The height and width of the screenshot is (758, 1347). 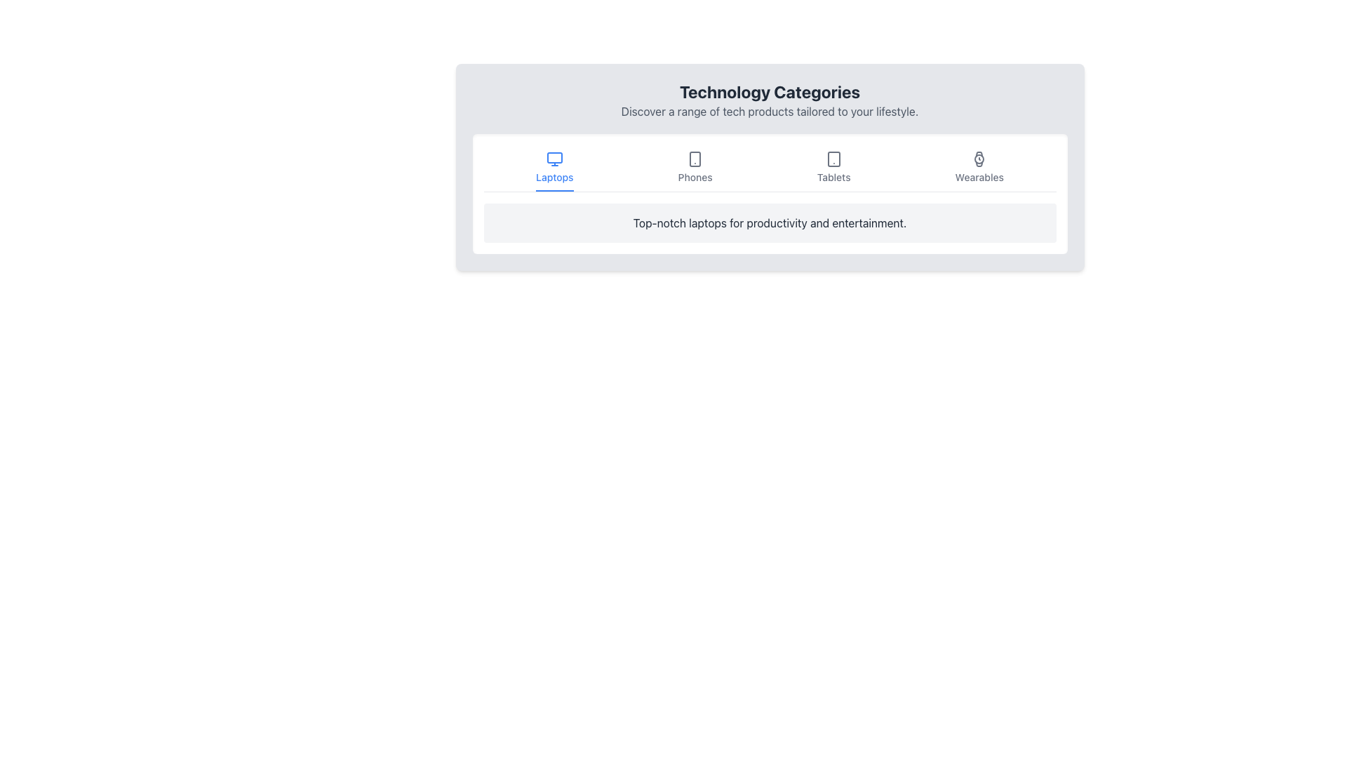 I want to click on the 'Phones' category icon located in the horizontal navigation bar below 'Technology Categories', so click(x=695, y=159).